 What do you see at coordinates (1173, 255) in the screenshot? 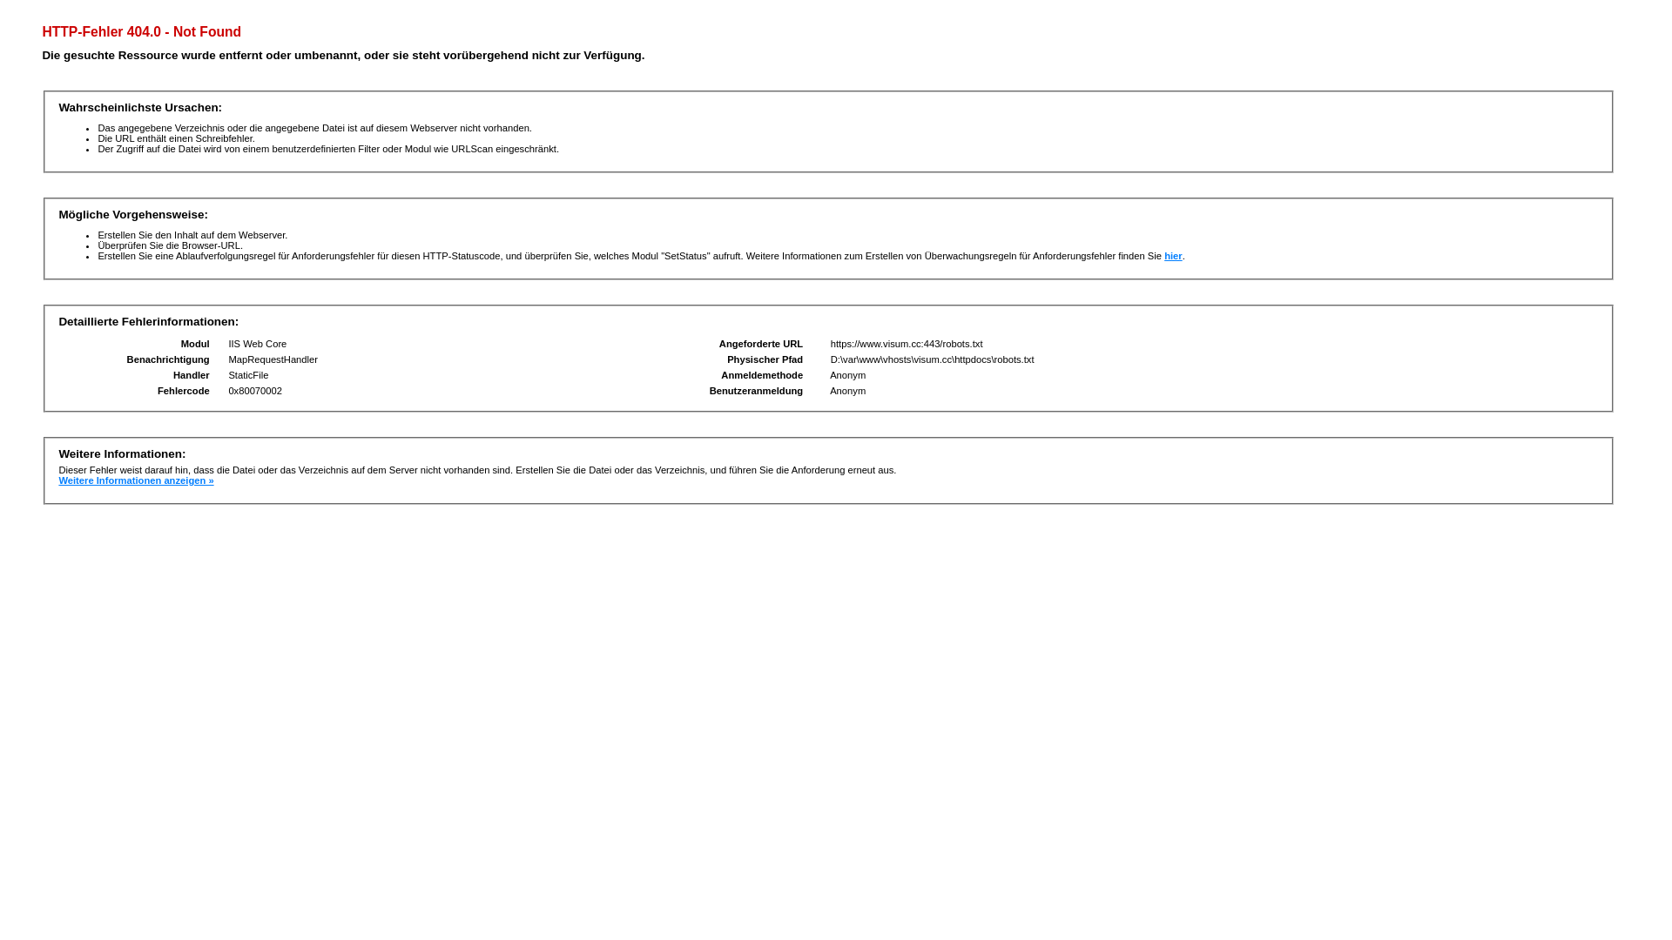
I see `'hier'` at bounding box center [1173, 255].